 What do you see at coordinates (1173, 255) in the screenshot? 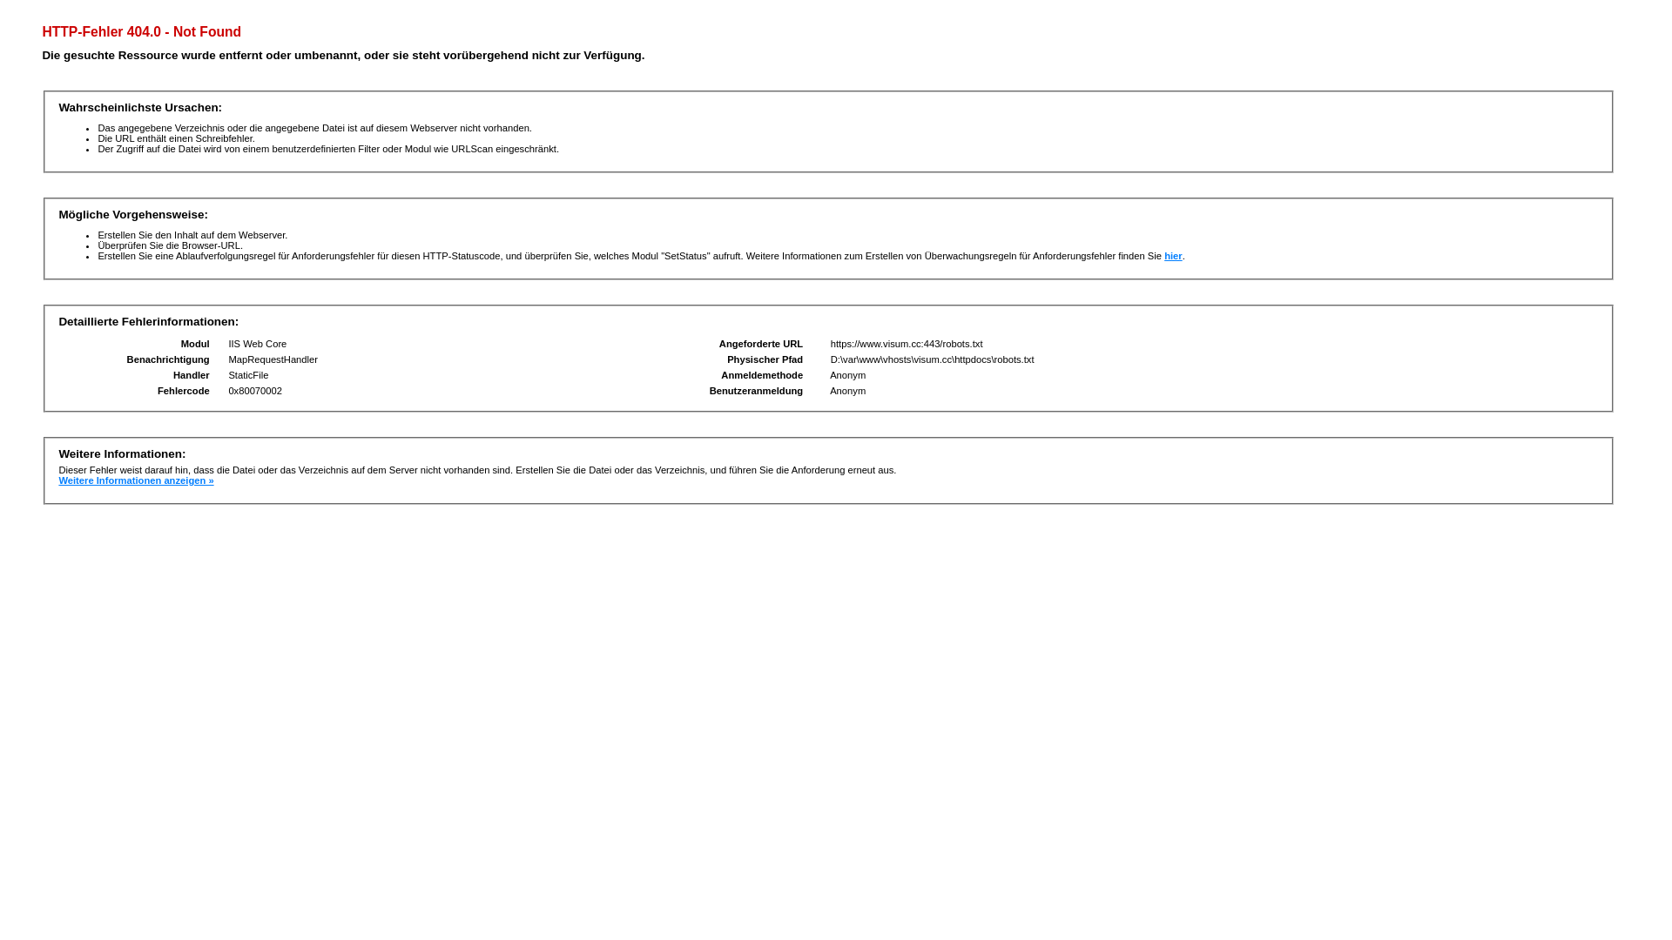
I see `'hier'` at bounding box center [1173, 255].